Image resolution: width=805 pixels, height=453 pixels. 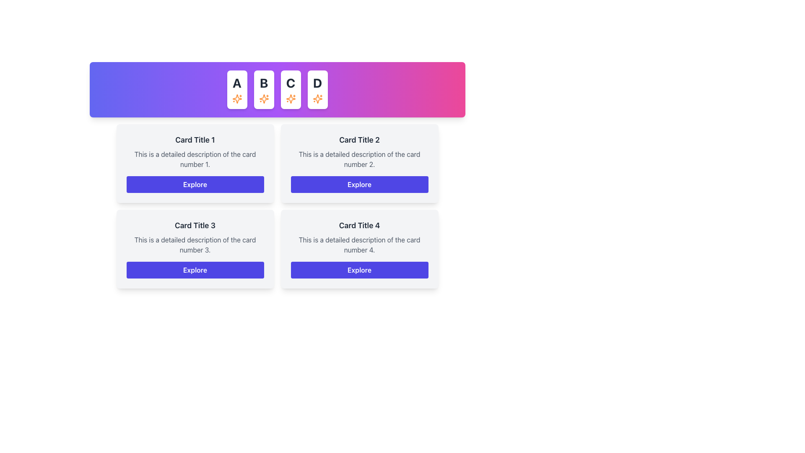 What do you see at coordinates (236, 98) in the screenshot?
I see `the decorative icon located beneath the bold letter 'A' in the first card of the second row, which is part of a horizontal arrangement of four cards` at bounding box center [236, 98].